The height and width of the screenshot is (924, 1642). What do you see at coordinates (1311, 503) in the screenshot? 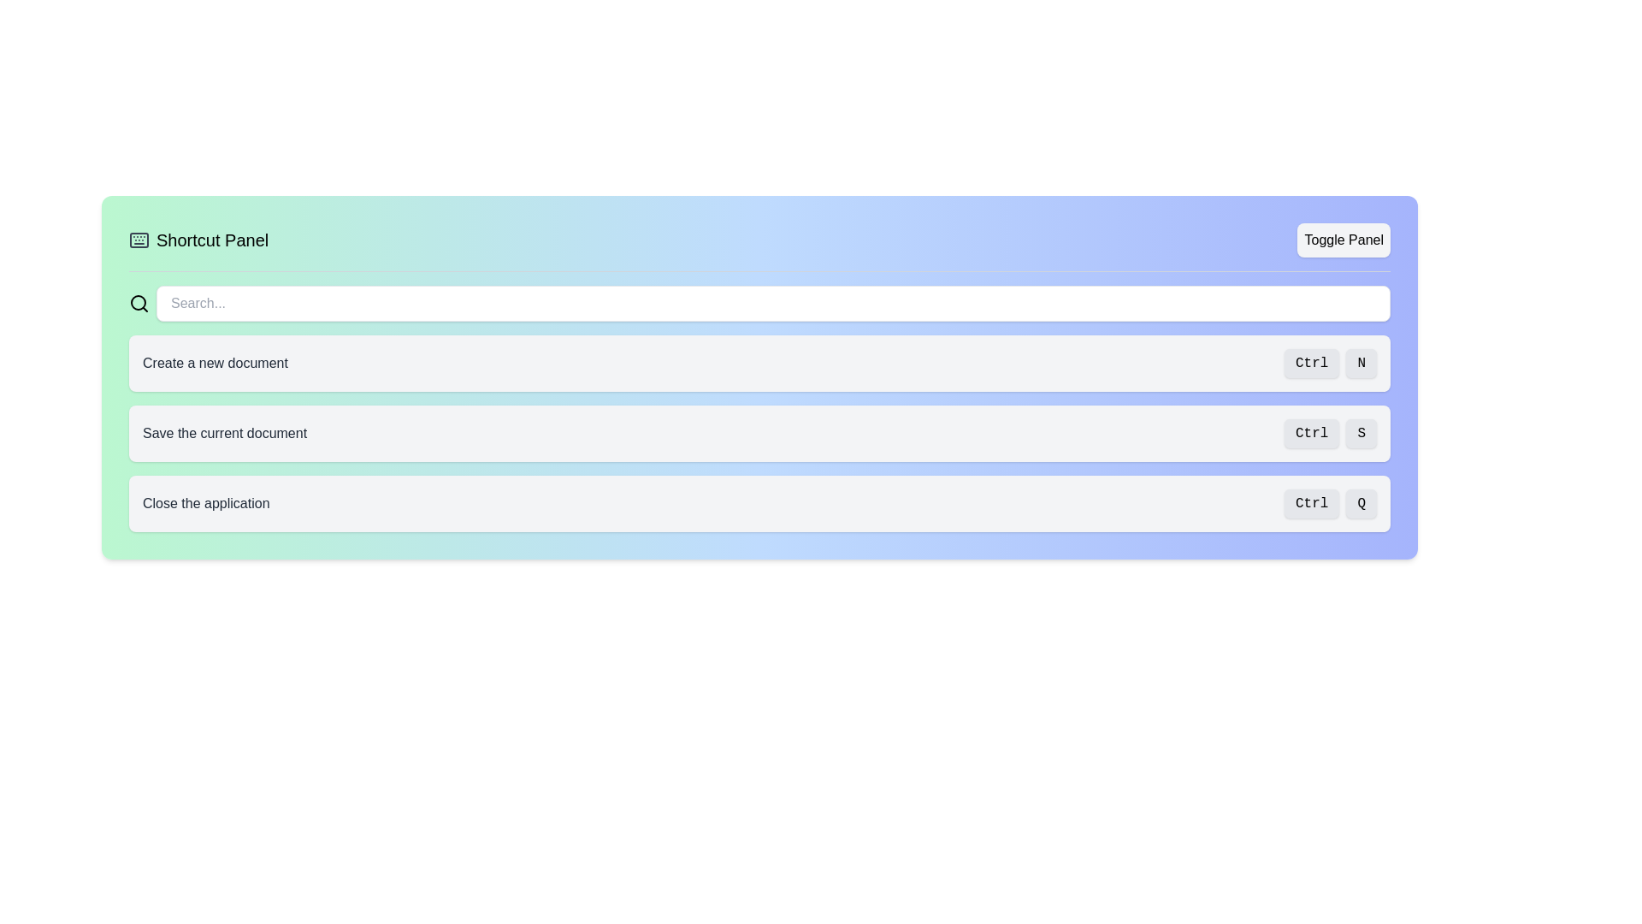
I see `the non-interactive button labeled 'Ctrl', which has a light gray background and is positioned next to the 'Q' button in the last row of shortcut descriptions` at bounding box center [1311, 503].